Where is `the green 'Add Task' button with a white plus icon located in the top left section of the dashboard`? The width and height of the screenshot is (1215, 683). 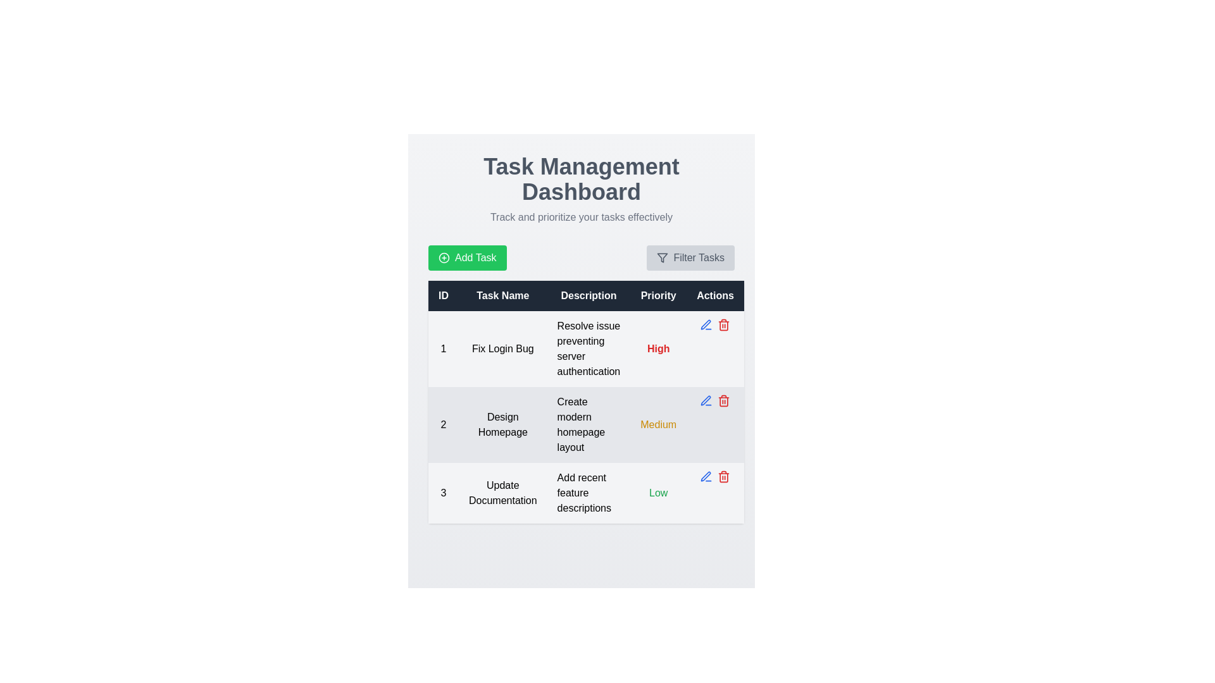
the green 'Add Task' button with a white plus icon located in the top left section of the dashboard is located at coordinates (466, 257).